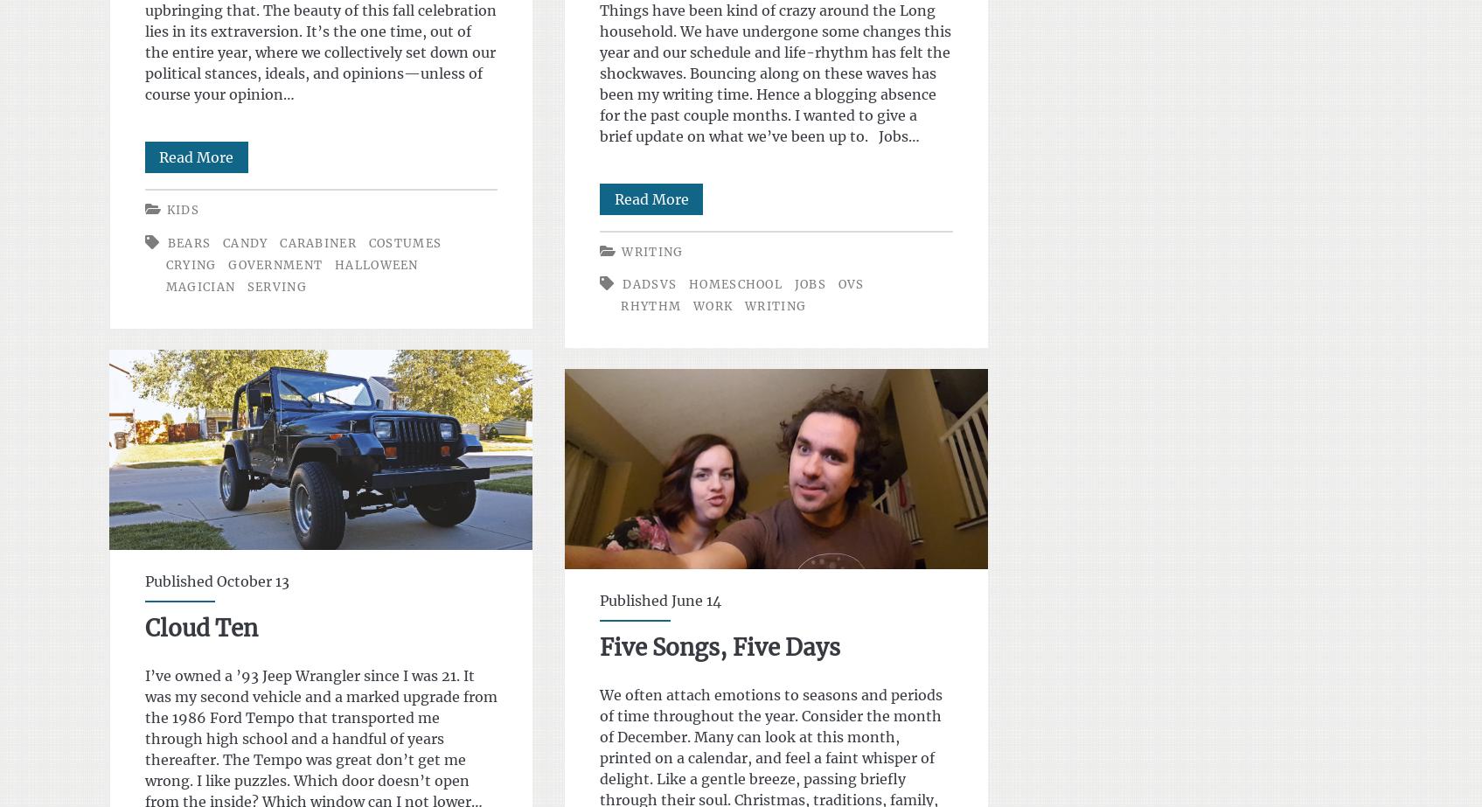 The image size is (1482, 807). Describe the element at coordinates (692, 305) in the screenshot. I see `'work'` at that location.